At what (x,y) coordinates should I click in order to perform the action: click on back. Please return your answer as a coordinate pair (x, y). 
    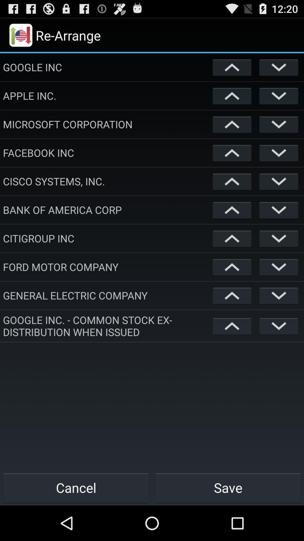
    Looking at the image, I should click on (232, 124).